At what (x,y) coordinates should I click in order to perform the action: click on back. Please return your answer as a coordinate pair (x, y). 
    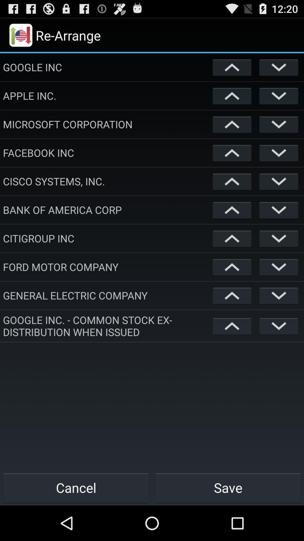
    Looking at the image, I should click on (232, 124).